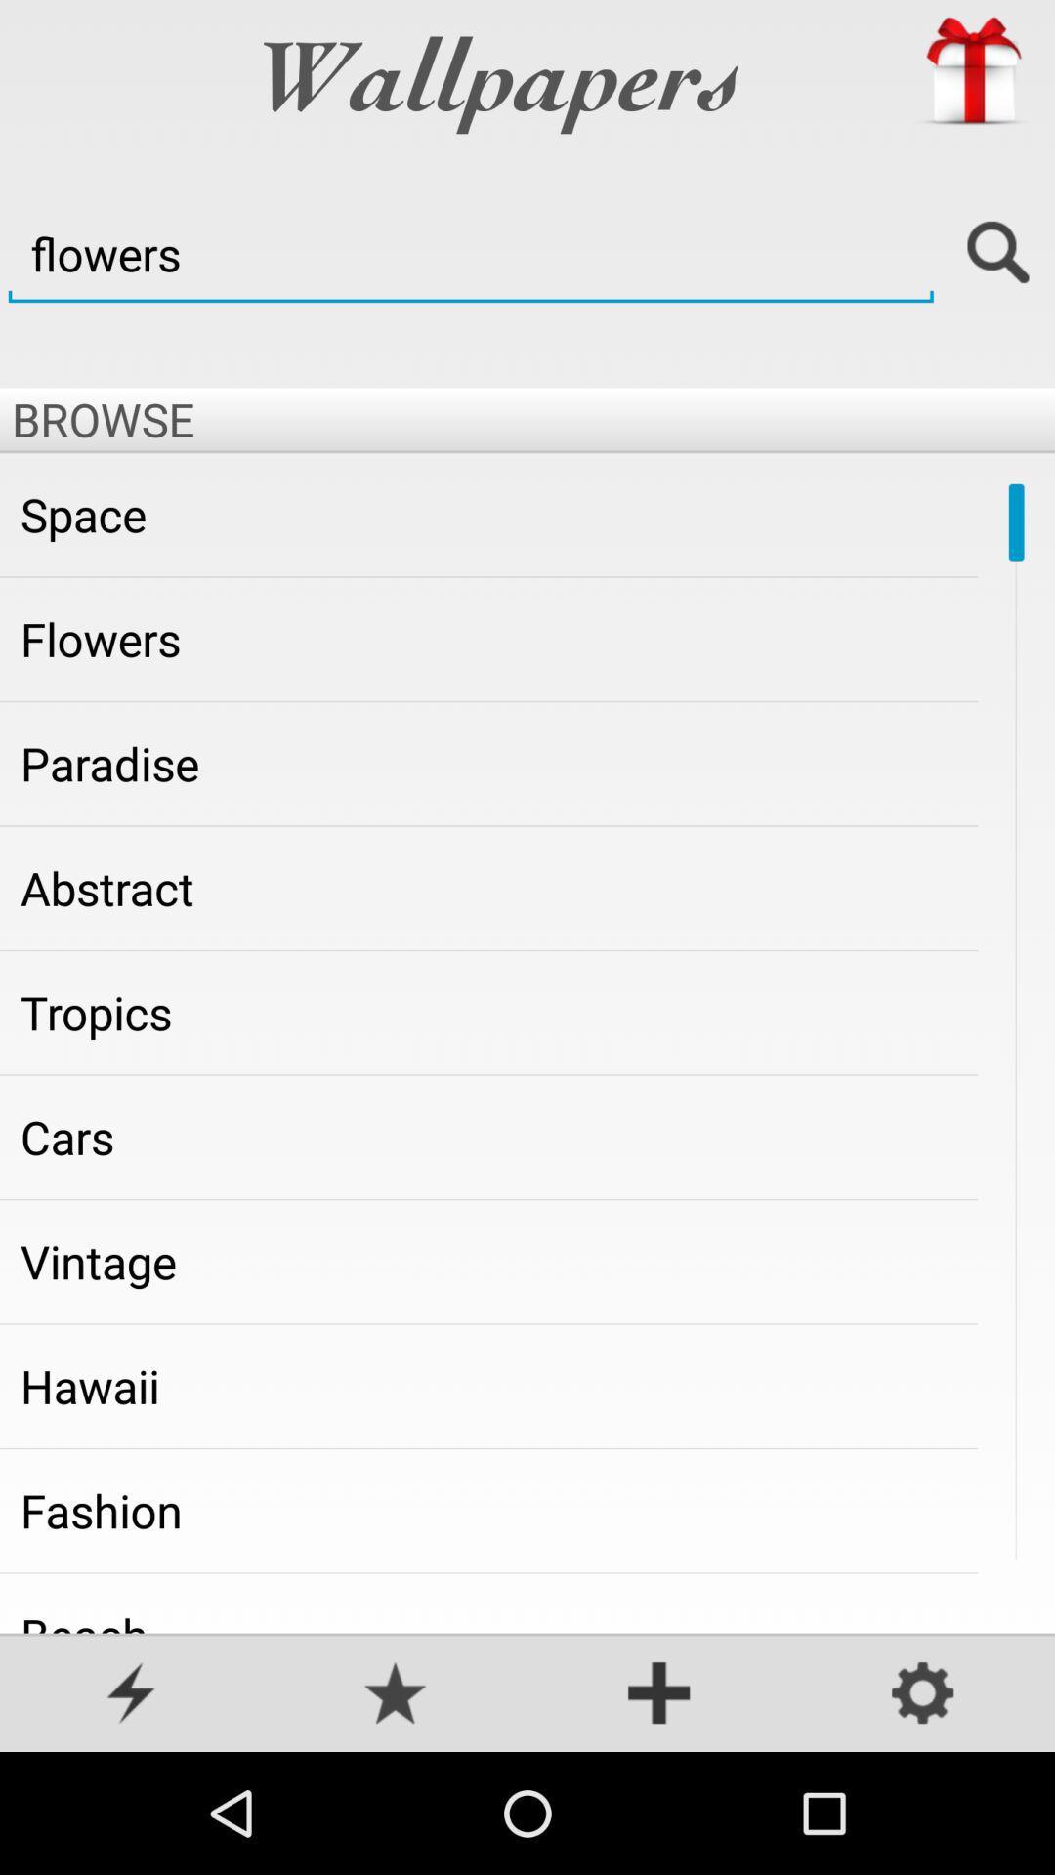 This screenshot has height=1875, width=1055. I want to click on gift box, so click(972, 71).